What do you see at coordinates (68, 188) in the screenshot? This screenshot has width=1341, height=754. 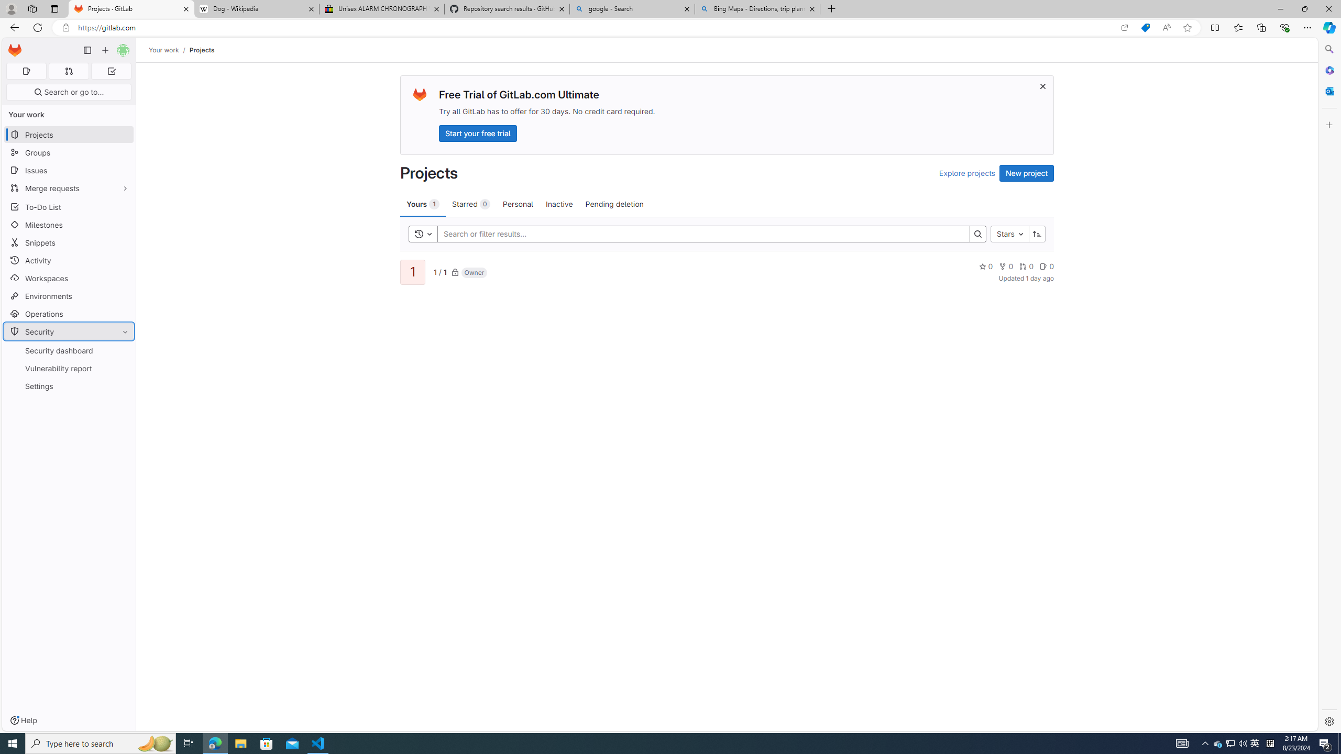 I see `'Merge requests'` at bounding box center [68, 188].